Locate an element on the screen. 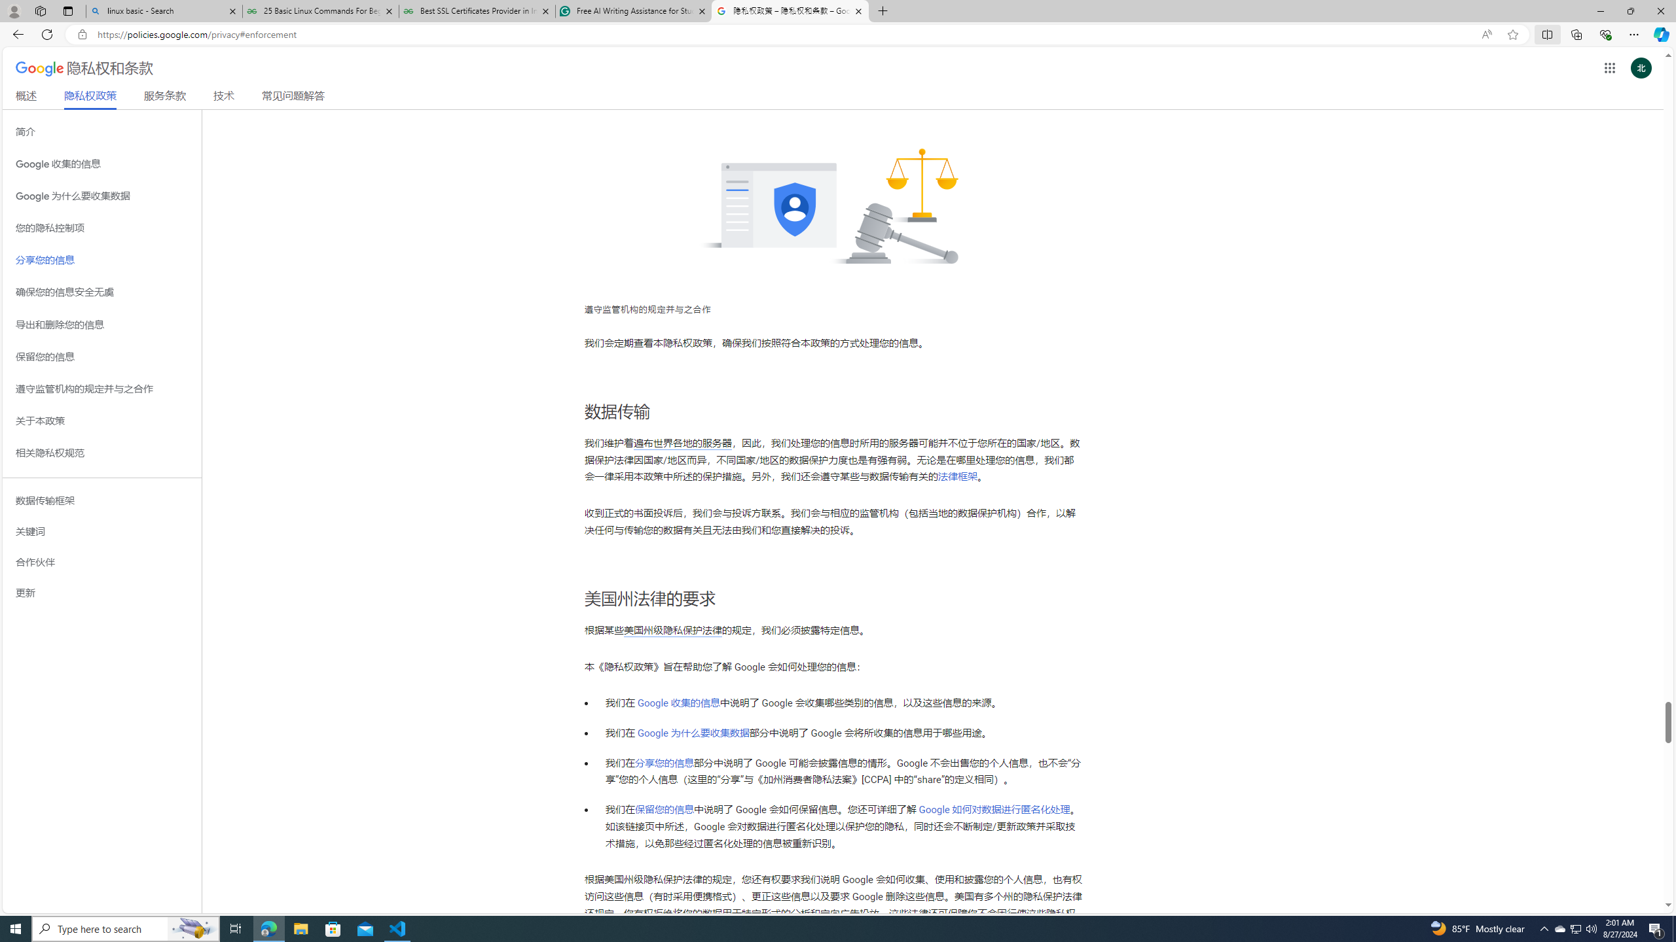  'Free AI Writing Assistance for Students | Grammarly' is located at coordinates (632, 10).